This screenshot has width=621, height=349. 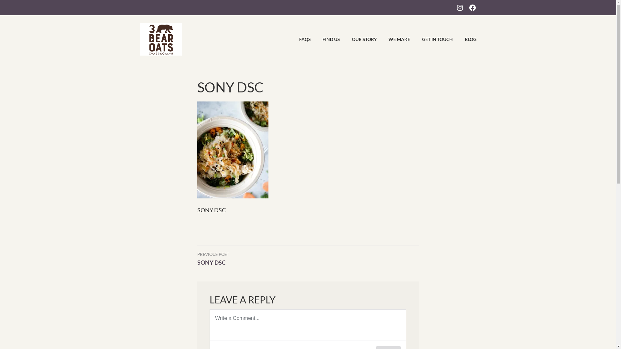 What do you see at coordinates (326, 39) in the screenshot?
I see `'FIND US'` at bounding box center [326, 39].